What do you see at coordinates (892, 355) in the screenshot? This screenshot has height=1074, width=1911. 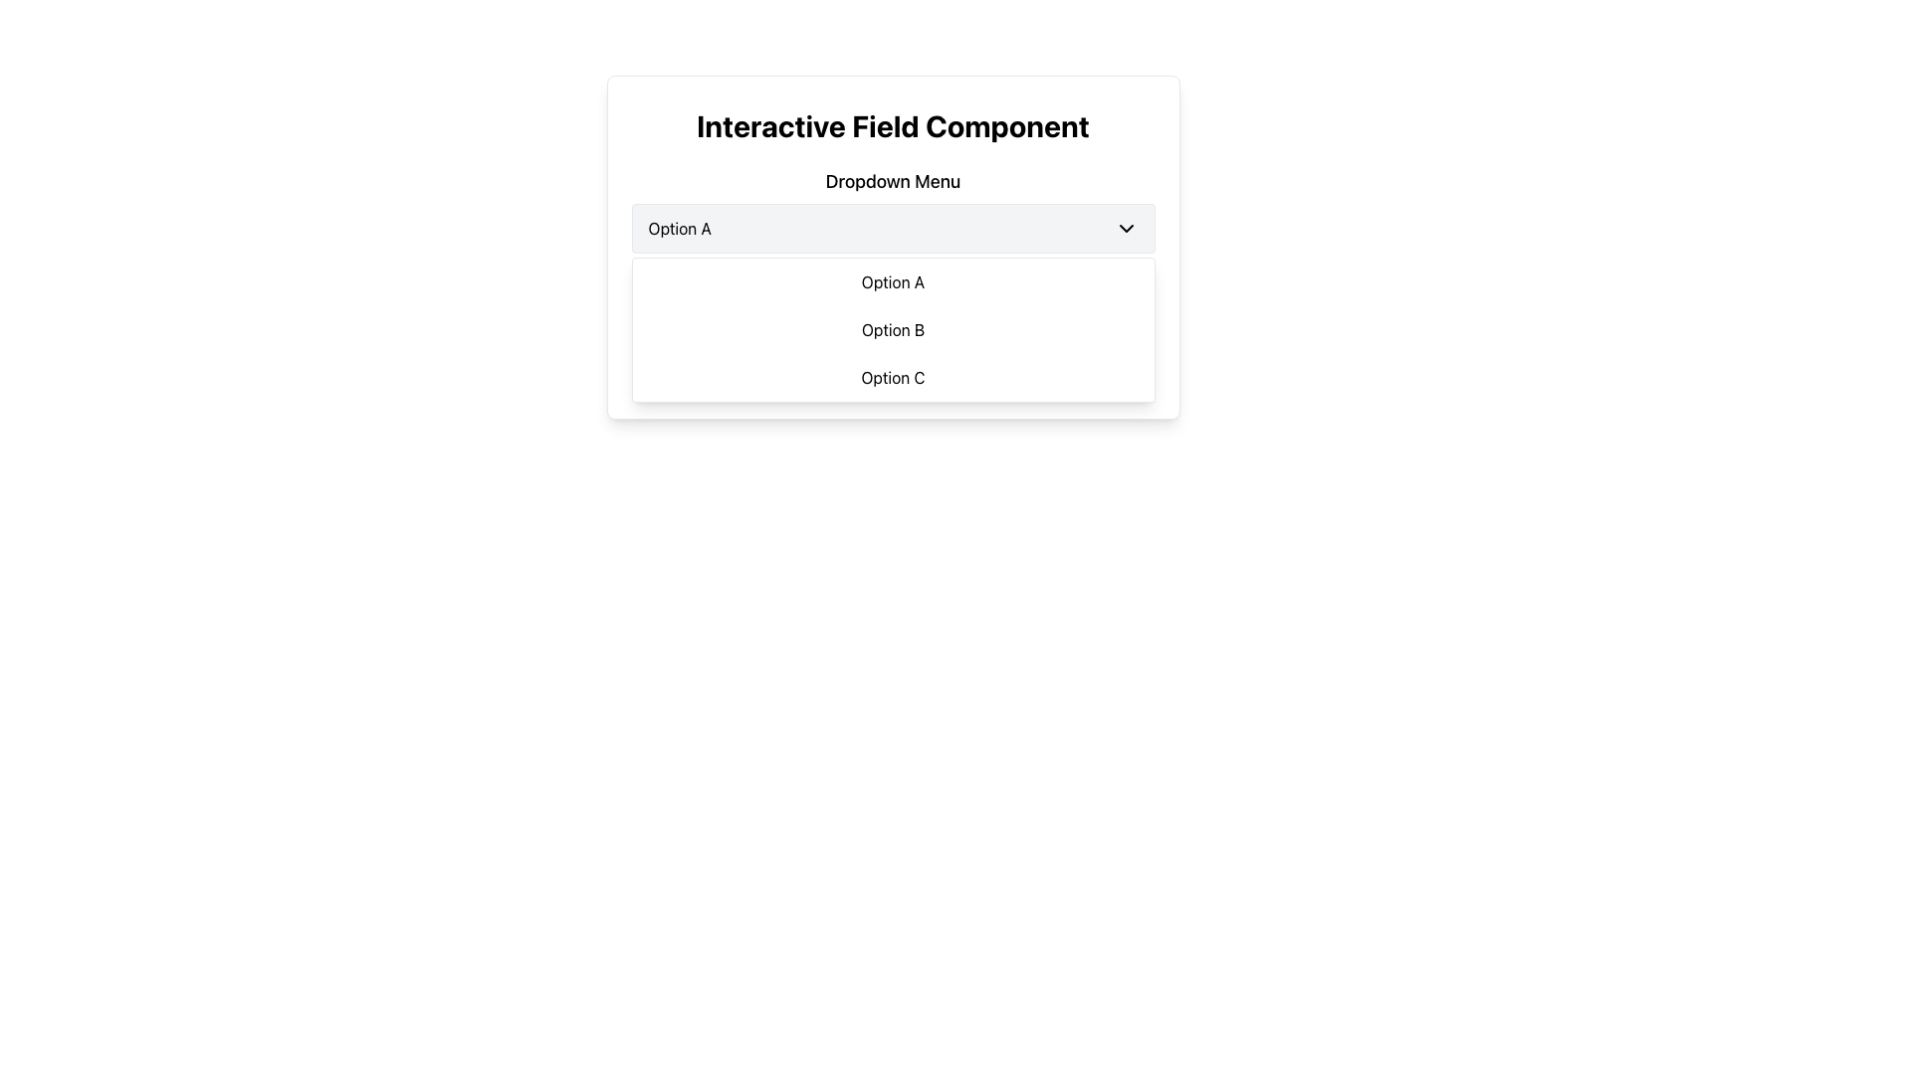 I see `the text label displaying 'Feature is disabled.' with a warning triangle icon, which is styled with a red background and rounded borders` at bounding box center [892, 355].